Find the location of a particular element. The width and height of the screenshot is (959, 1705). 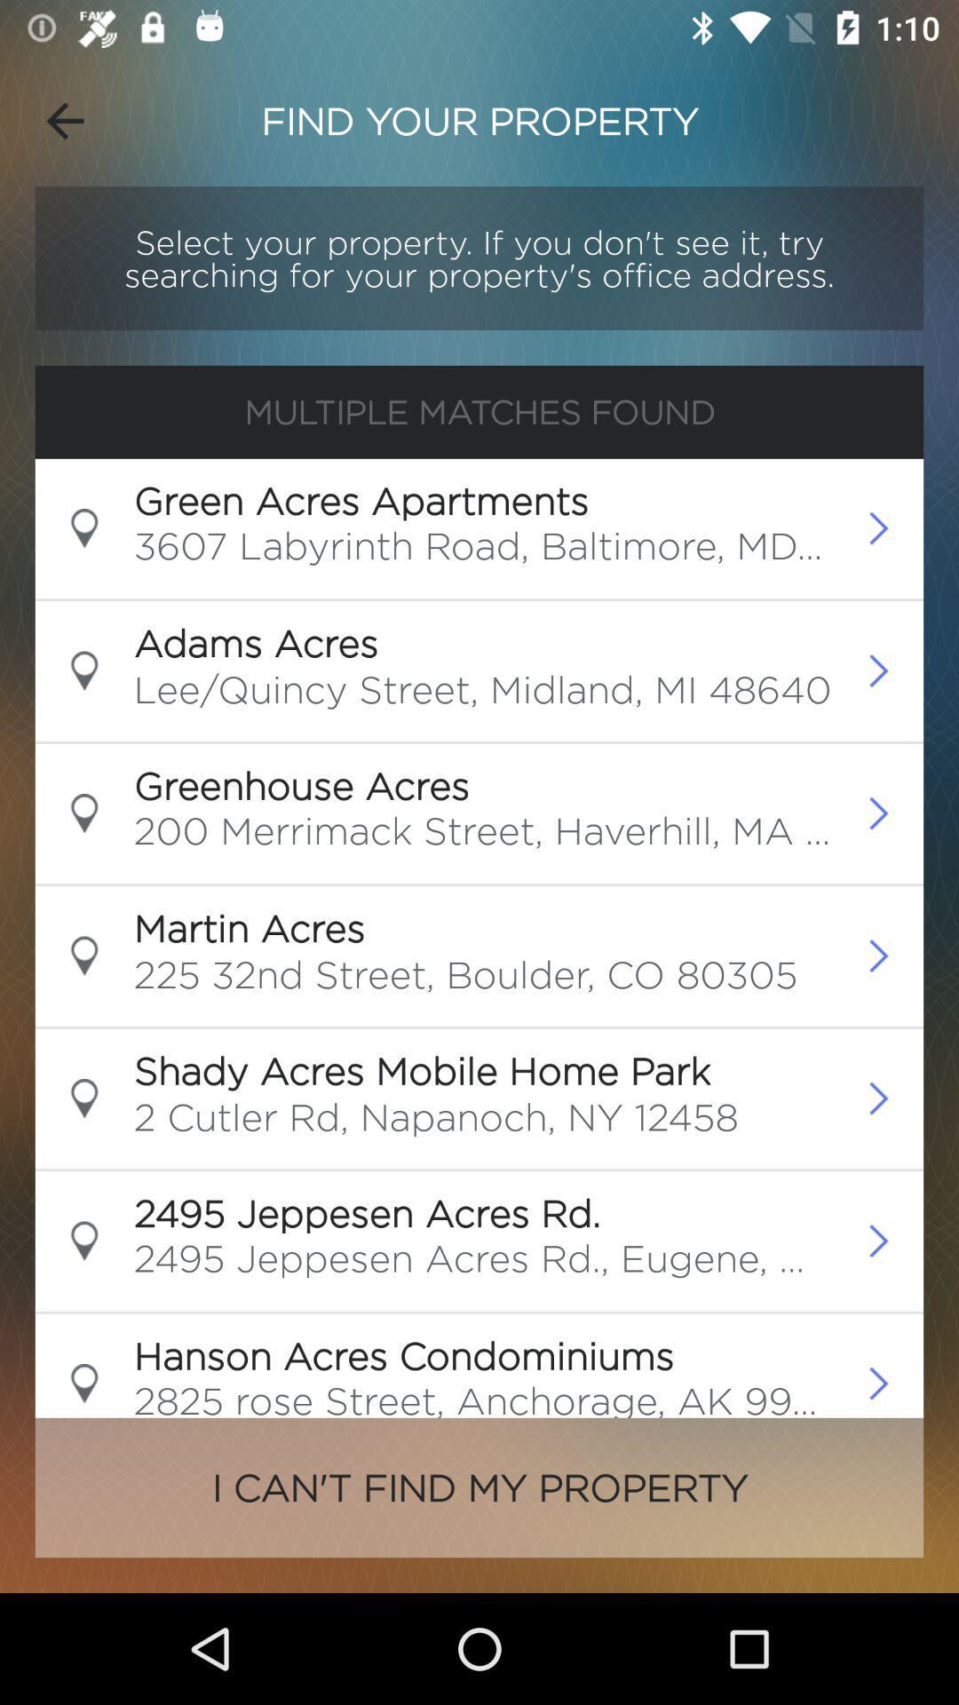

the app above the adams acres app is located at coordinates (484, 551).